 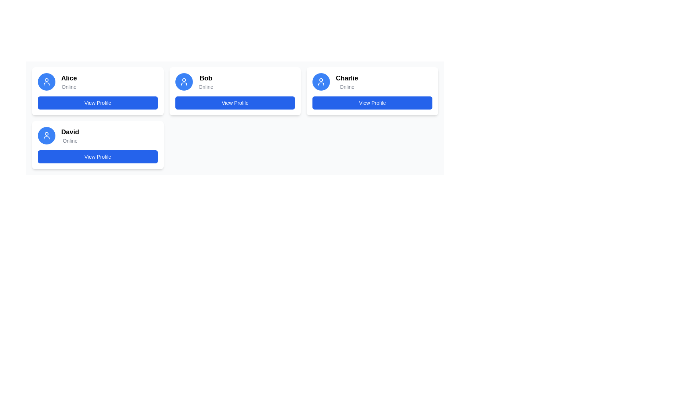 What do you see at coordinates (97, 91) in the screenshot?
I see `the 'View Profile' button on Alice's user information card located in the top-left corner of the grid layout` at bounding box center [97, 91].